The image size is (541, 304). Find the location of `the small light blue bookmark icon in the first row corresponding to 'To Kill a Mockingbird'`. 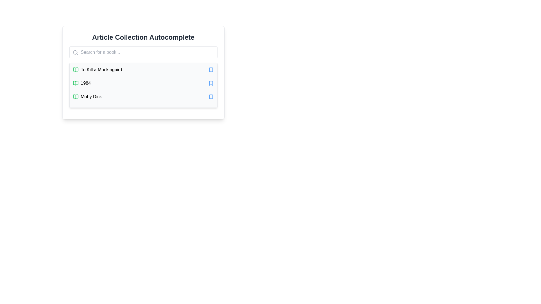

the small light blue bookmark icon in the first row corresponding to 'To Kill a Mockingbird' is located at coordinates (210, 69).